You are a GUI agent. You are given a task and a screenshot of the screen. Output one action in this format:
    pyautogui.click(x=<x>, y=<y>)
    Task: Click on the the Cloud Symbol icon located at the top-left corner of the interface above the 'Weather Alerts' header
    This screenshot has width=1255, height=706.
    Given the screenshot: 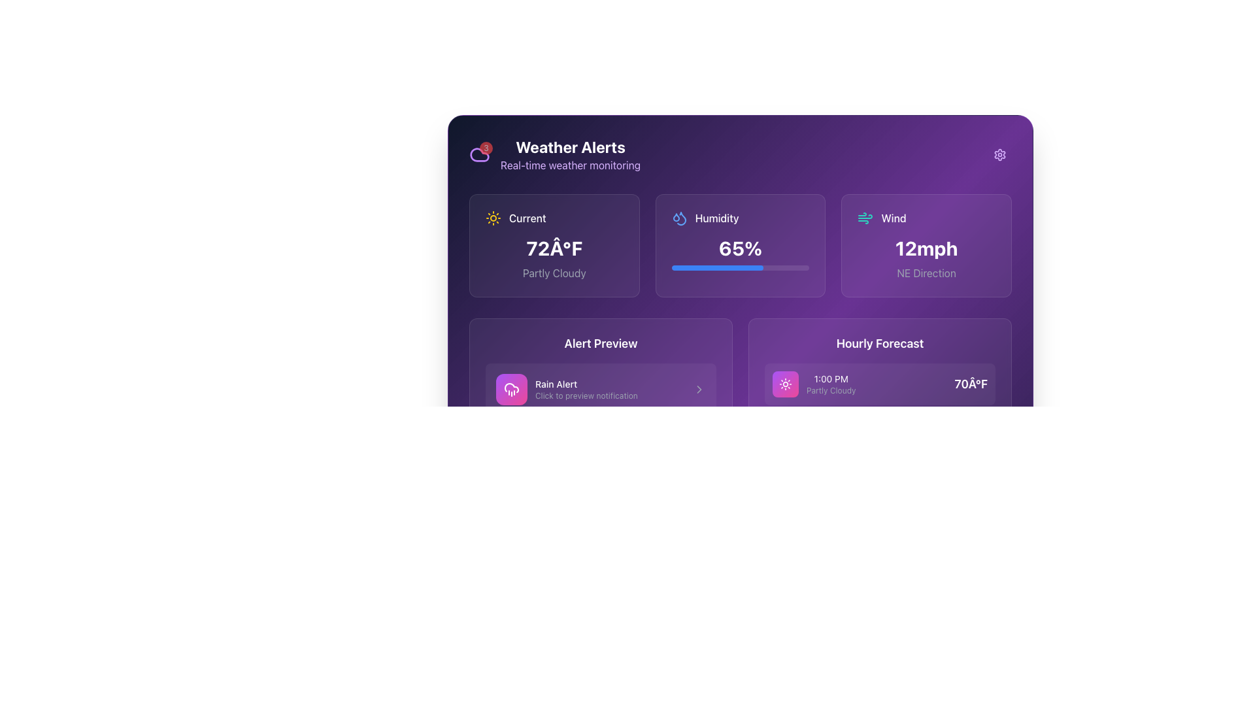 What is the action you would take?
    pyautogui.click(x=479, y=154)
    